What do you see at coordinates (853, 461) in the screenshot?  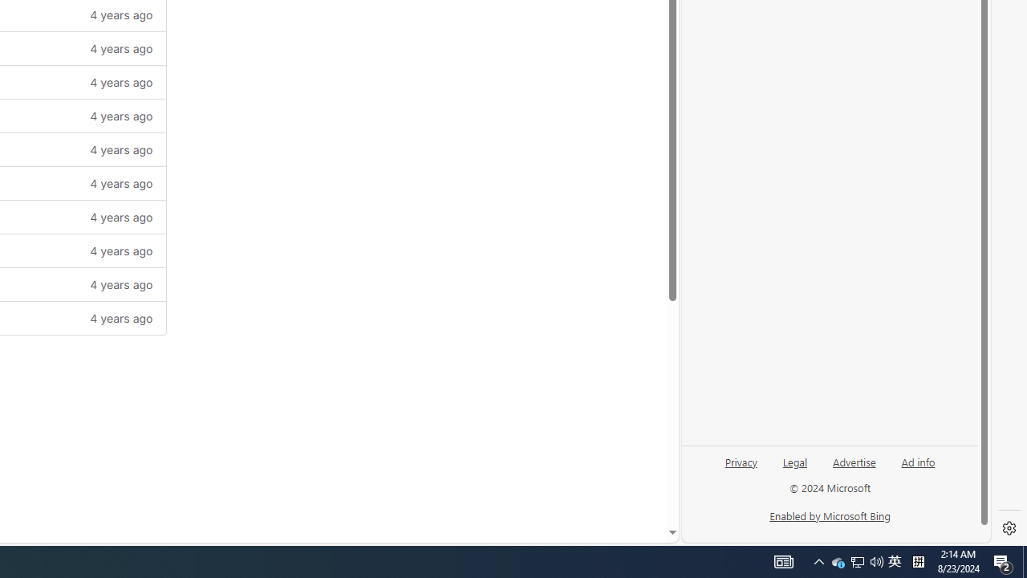 I see `'Advertise'` at bounding box center [853, 461].